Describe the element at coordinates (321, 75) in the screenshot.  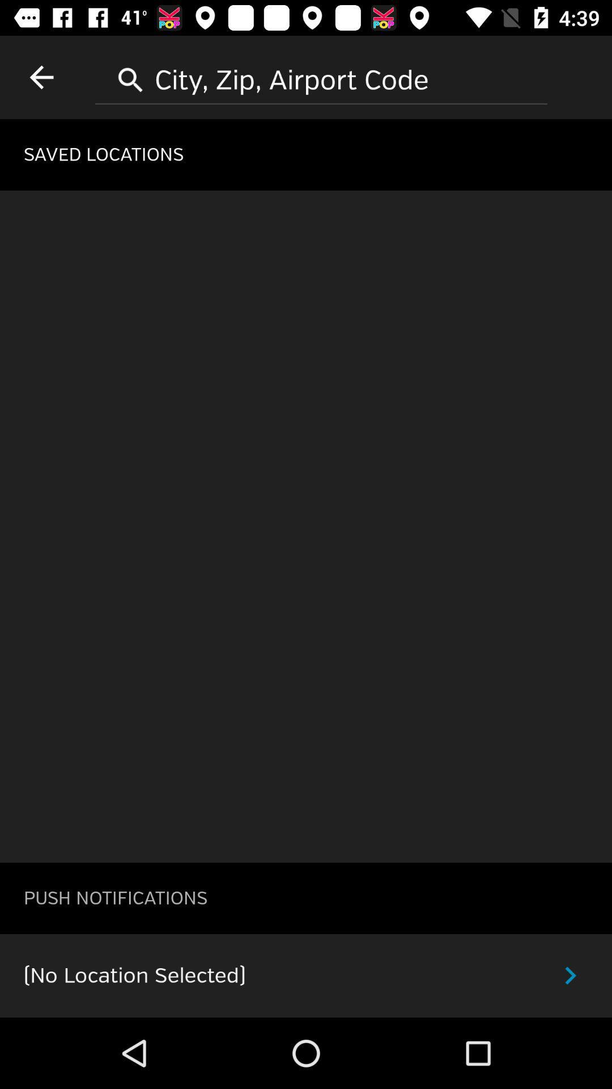
I see `search by city zip code or airport code` at that location.